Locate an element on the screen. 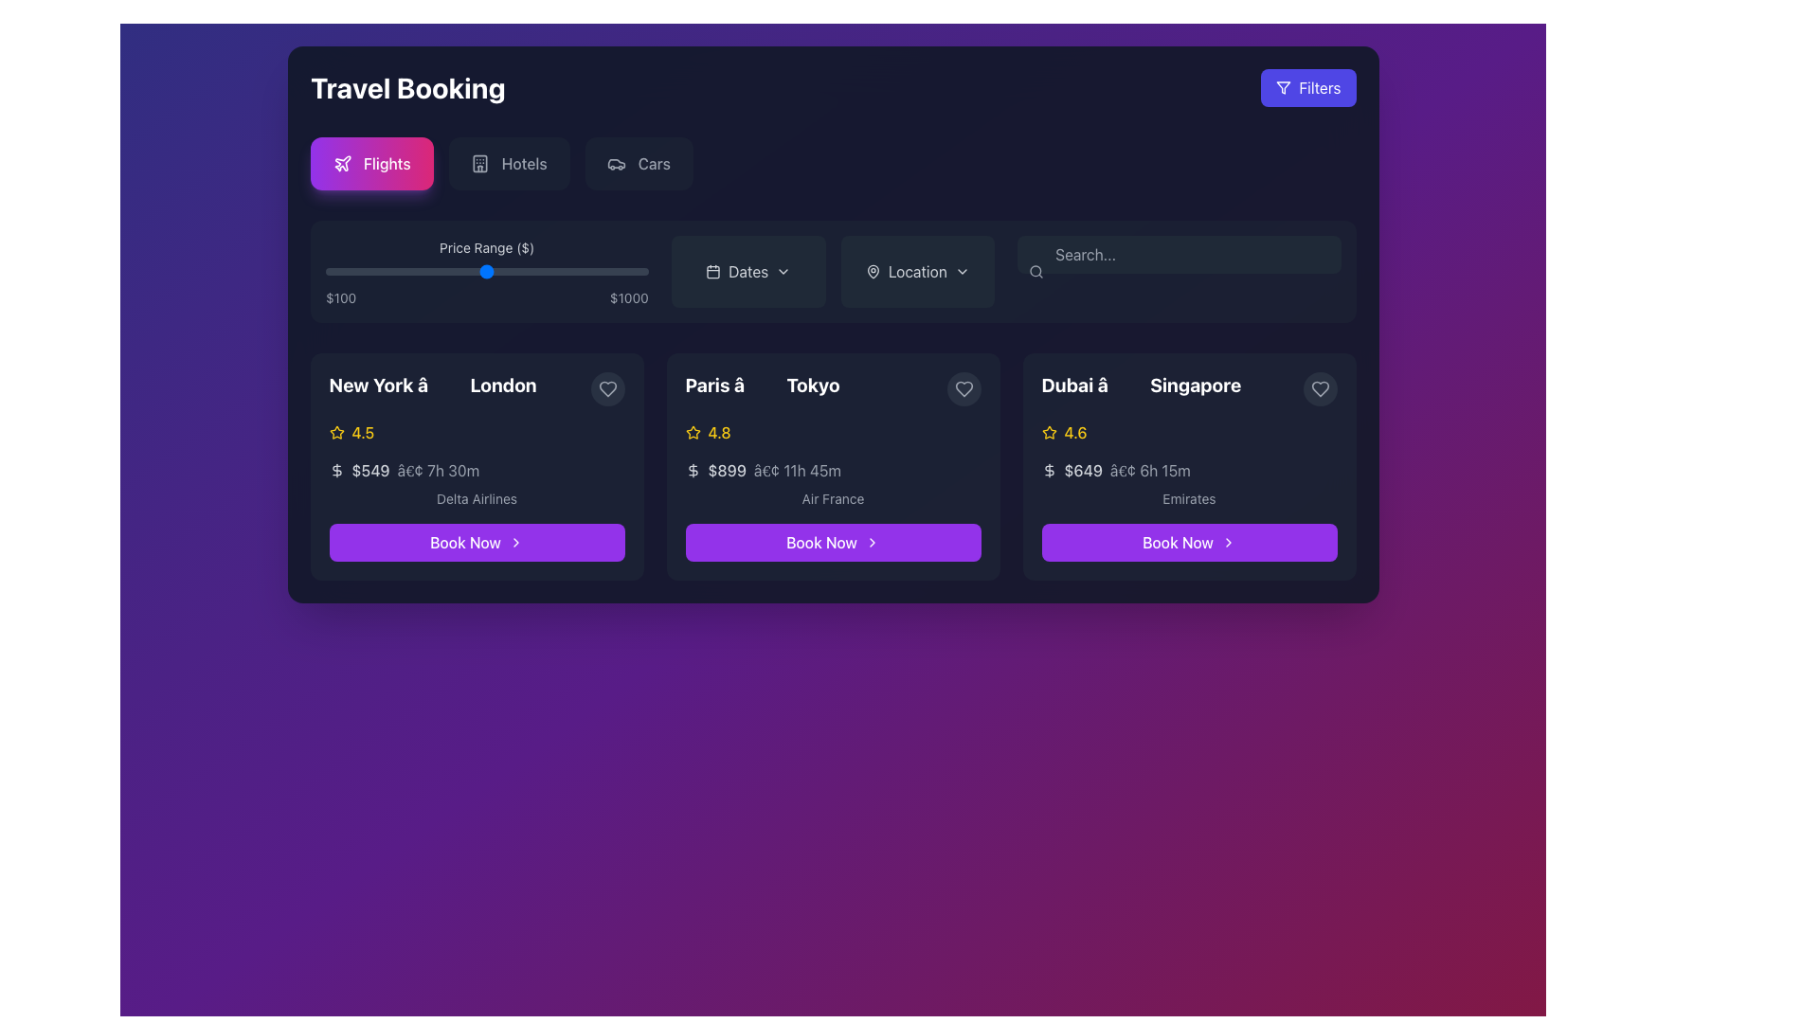 This screenshot has height=1023, width=1819. the Text label displaying '$549', which is styled in bold font and located in the first travel option card, prominently positioned in the details section before the time indicator '• 7h 30m' is located at coordinates (370, 470).